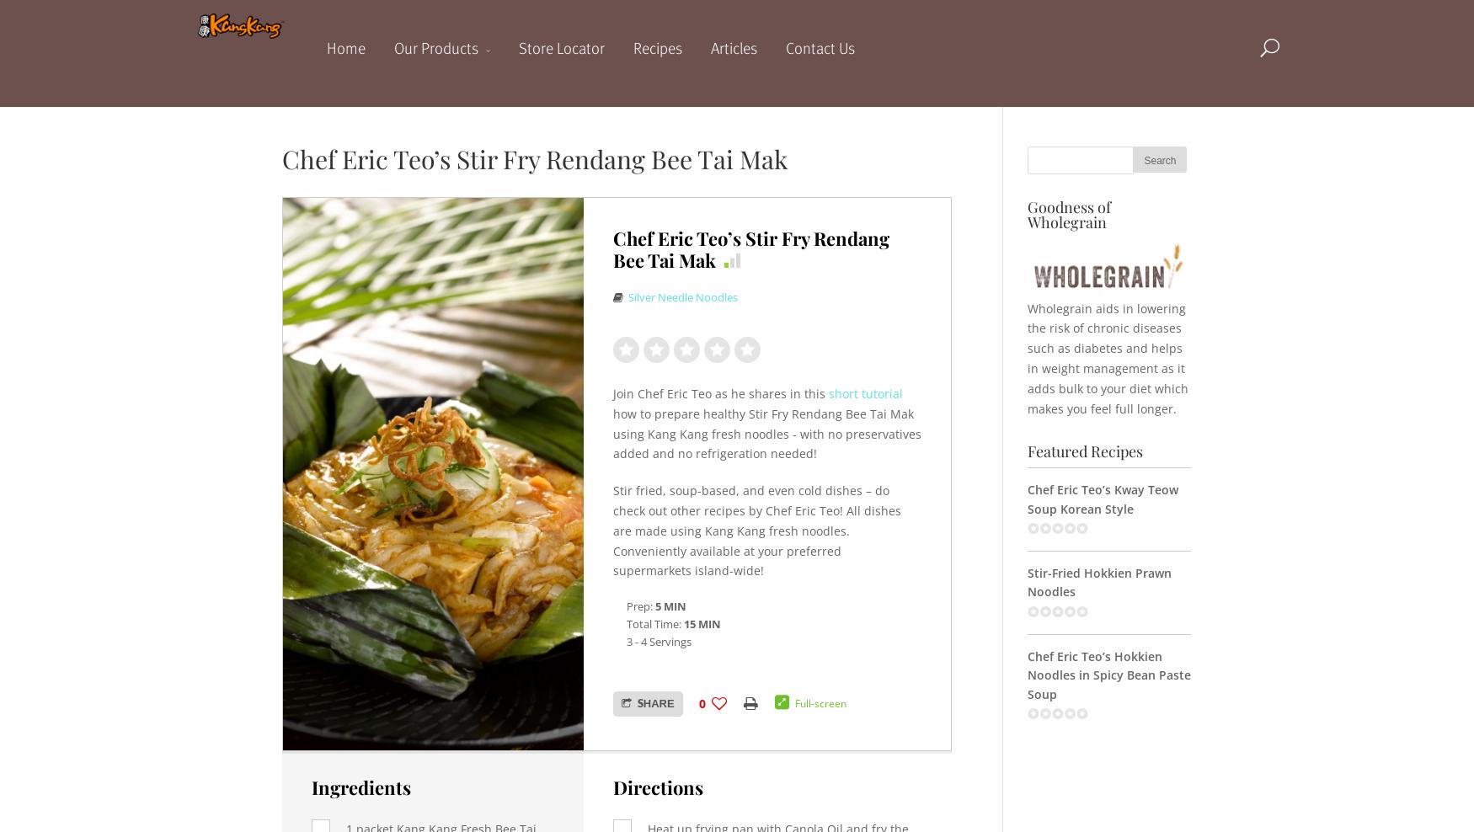 The height and width of the screenshot is (832, 1474). I want to click on 'Total Time:', so click(654, 624).